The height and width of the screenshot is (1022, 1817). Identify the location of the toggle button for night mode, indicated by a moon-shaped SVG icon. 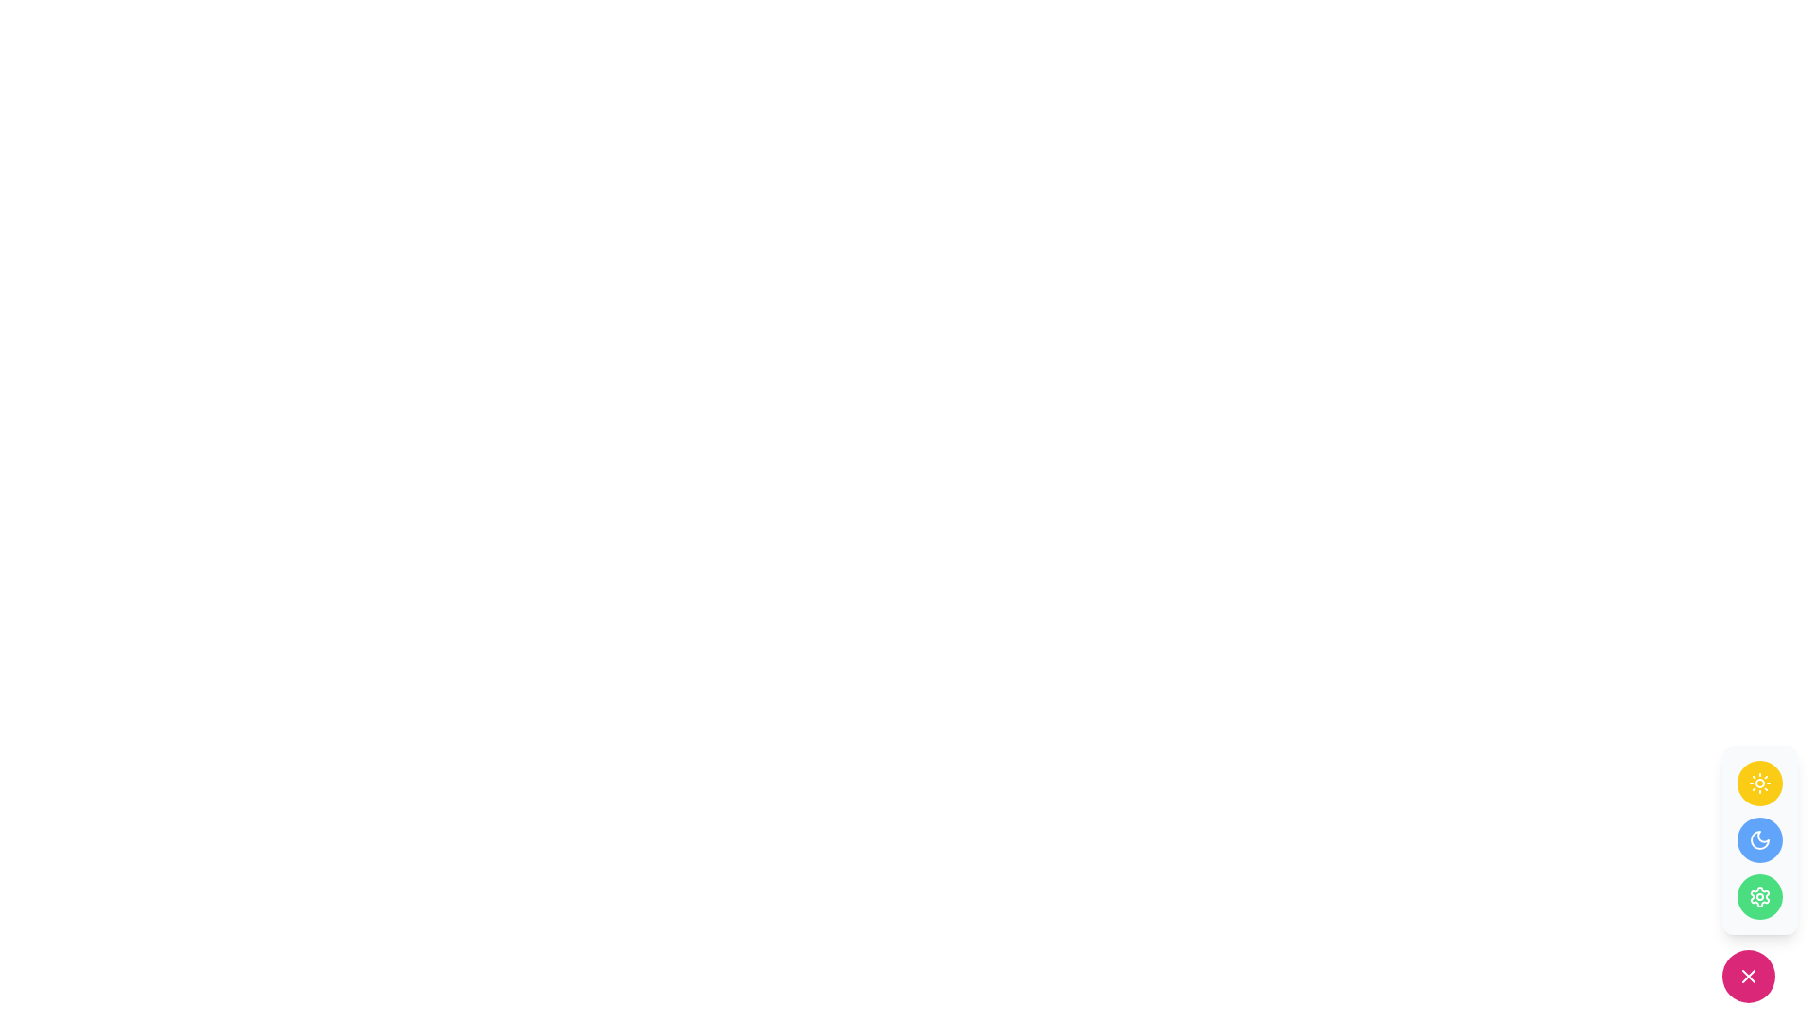
(1759, 838).